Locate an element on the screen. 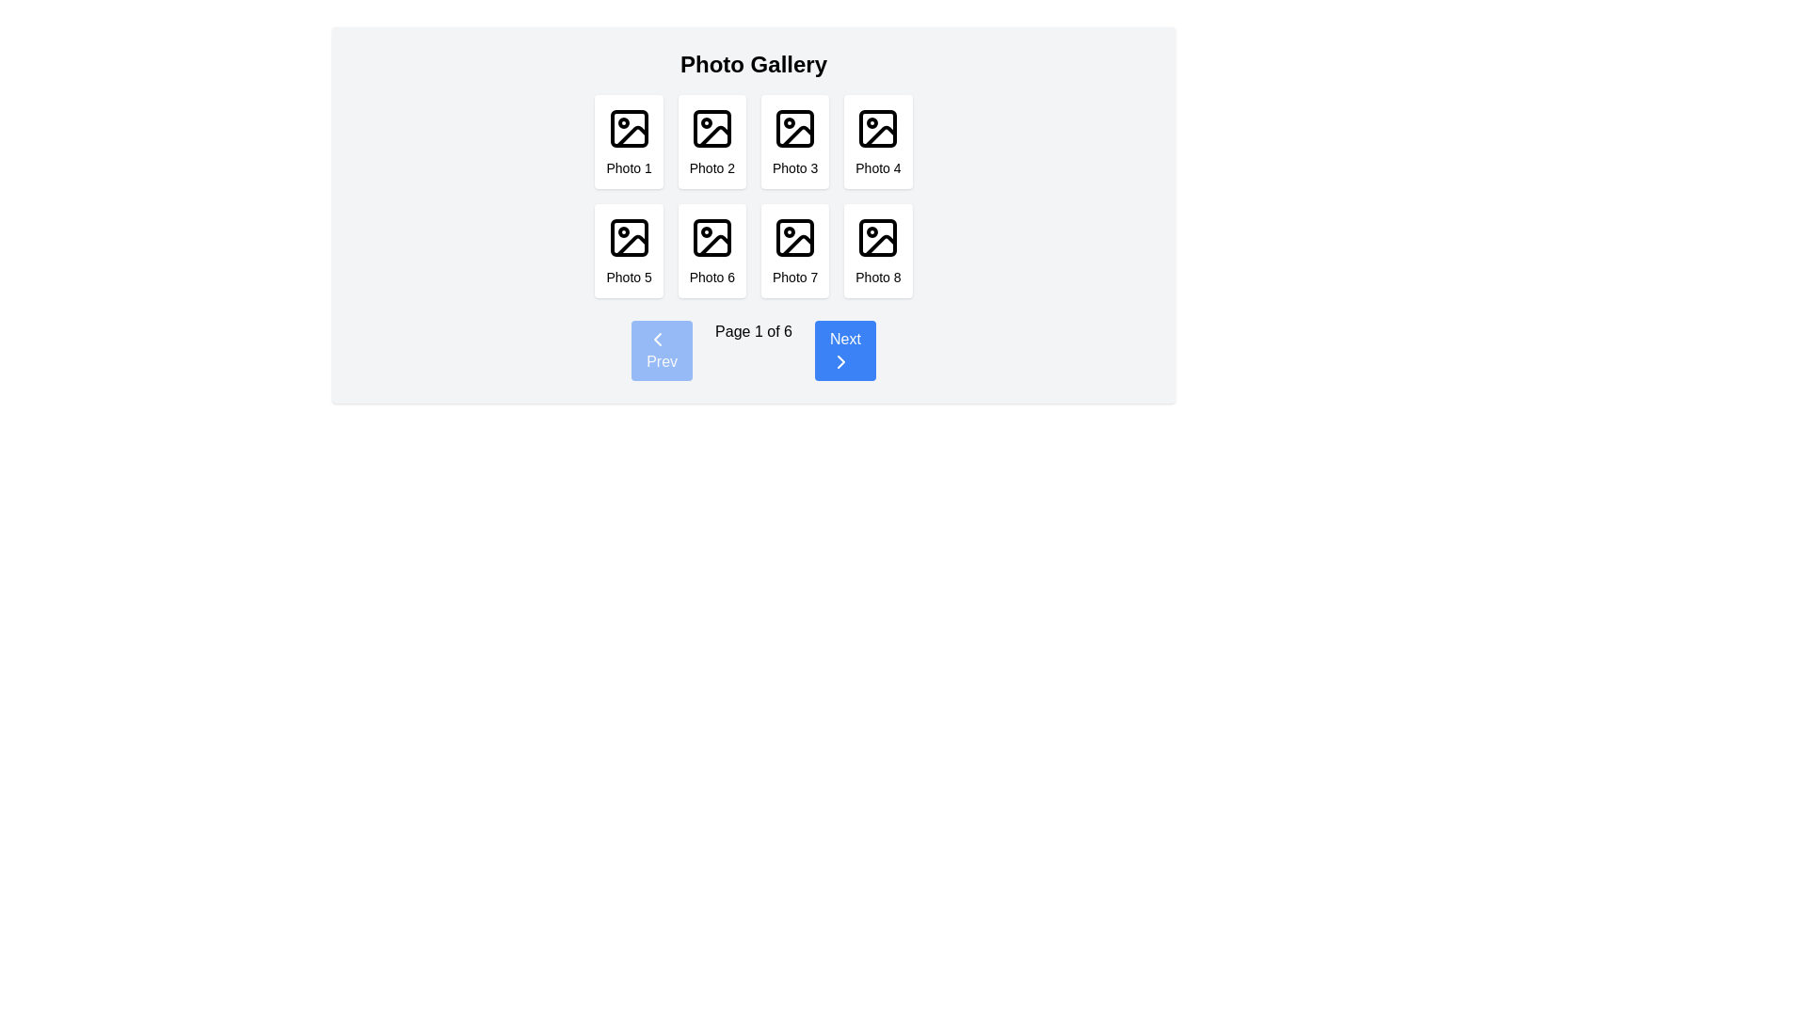 The image size is (1807, 1016). the decorative rectangular shape with rounded corners located inside the 'Photo 5' image icon in the second row, first column of the gallery grid is located at coordinates (629, 237).